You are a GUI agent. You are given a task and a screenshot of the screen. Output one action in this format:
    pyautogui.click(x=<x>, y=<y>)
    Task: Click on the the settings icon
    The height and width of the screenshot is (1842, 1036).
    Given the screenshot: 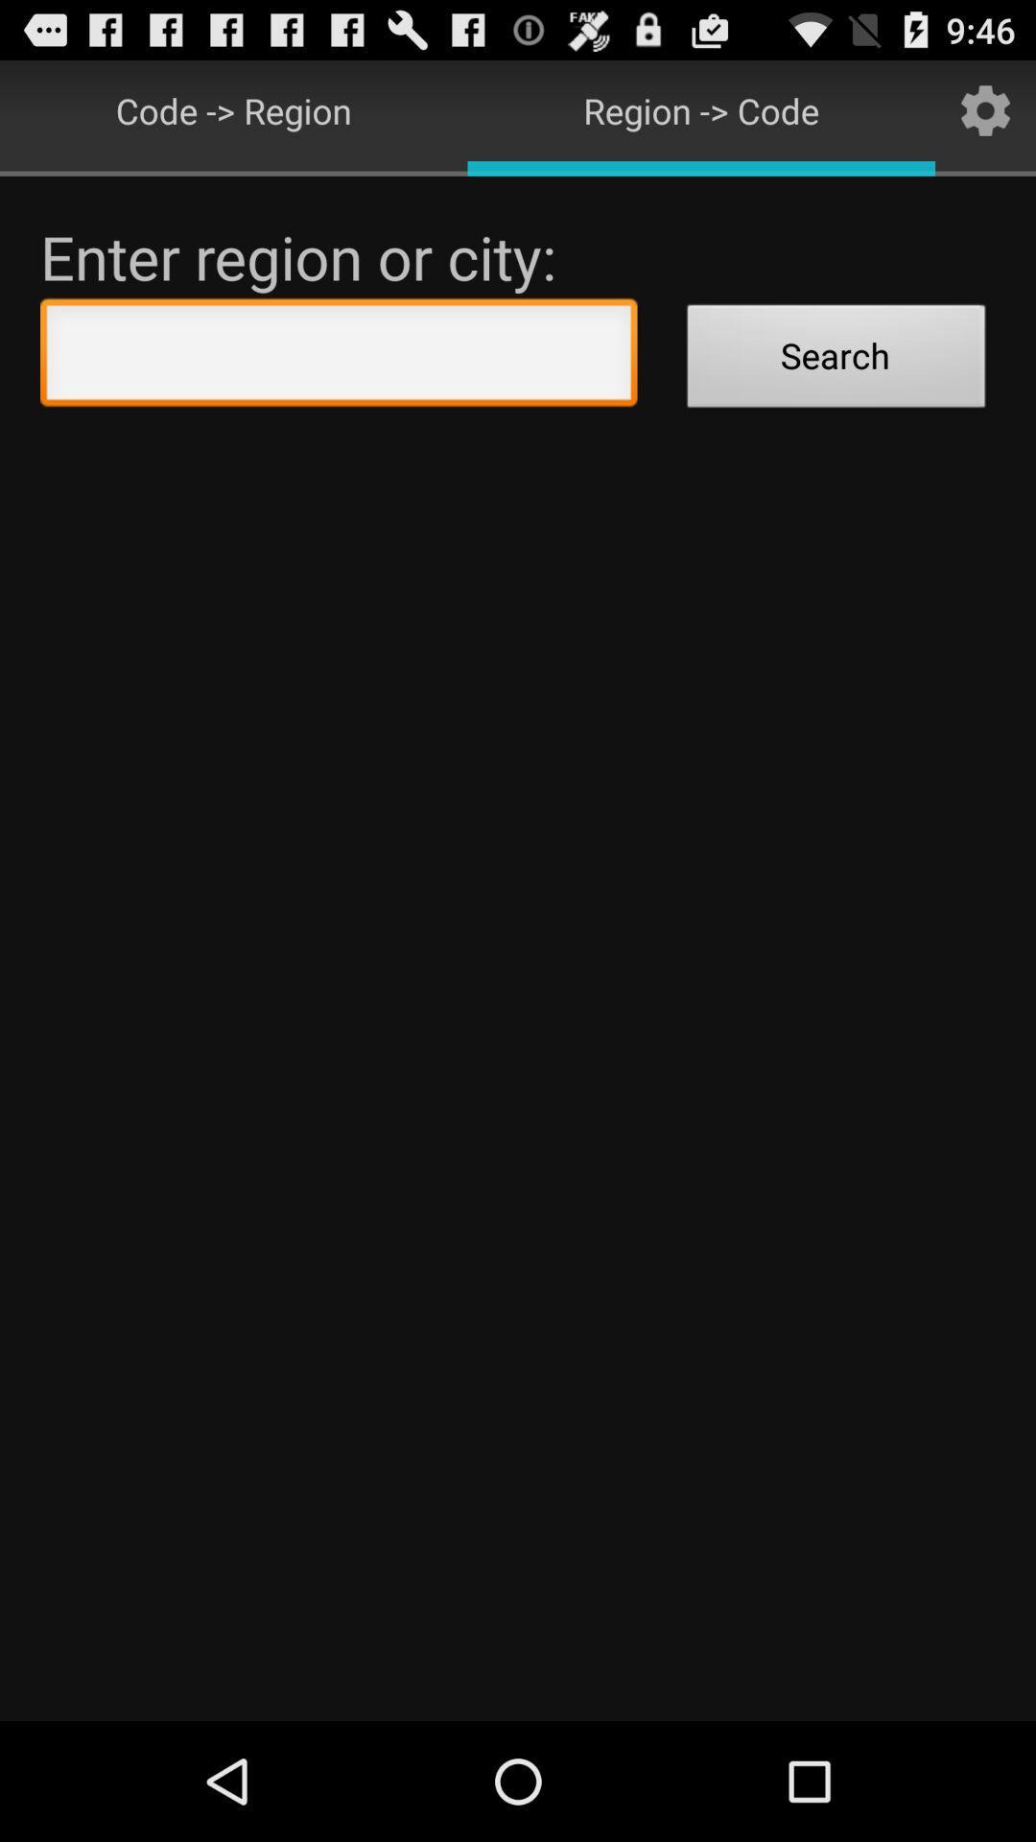 What is the action you would take?
    pyautogui.click(x=985, y=117)
    